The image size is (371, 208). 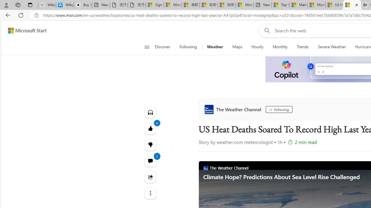 I want to click on 'Discover', so click(x=164, y=47).